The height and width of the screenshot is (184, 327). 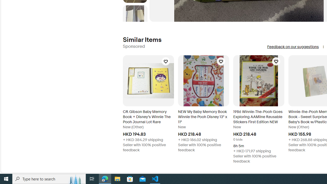 What do you see at coordinates (293, 47) in the screenshot?
I see `'Feedback on our suggestions'` at bounding box center [293, 47].